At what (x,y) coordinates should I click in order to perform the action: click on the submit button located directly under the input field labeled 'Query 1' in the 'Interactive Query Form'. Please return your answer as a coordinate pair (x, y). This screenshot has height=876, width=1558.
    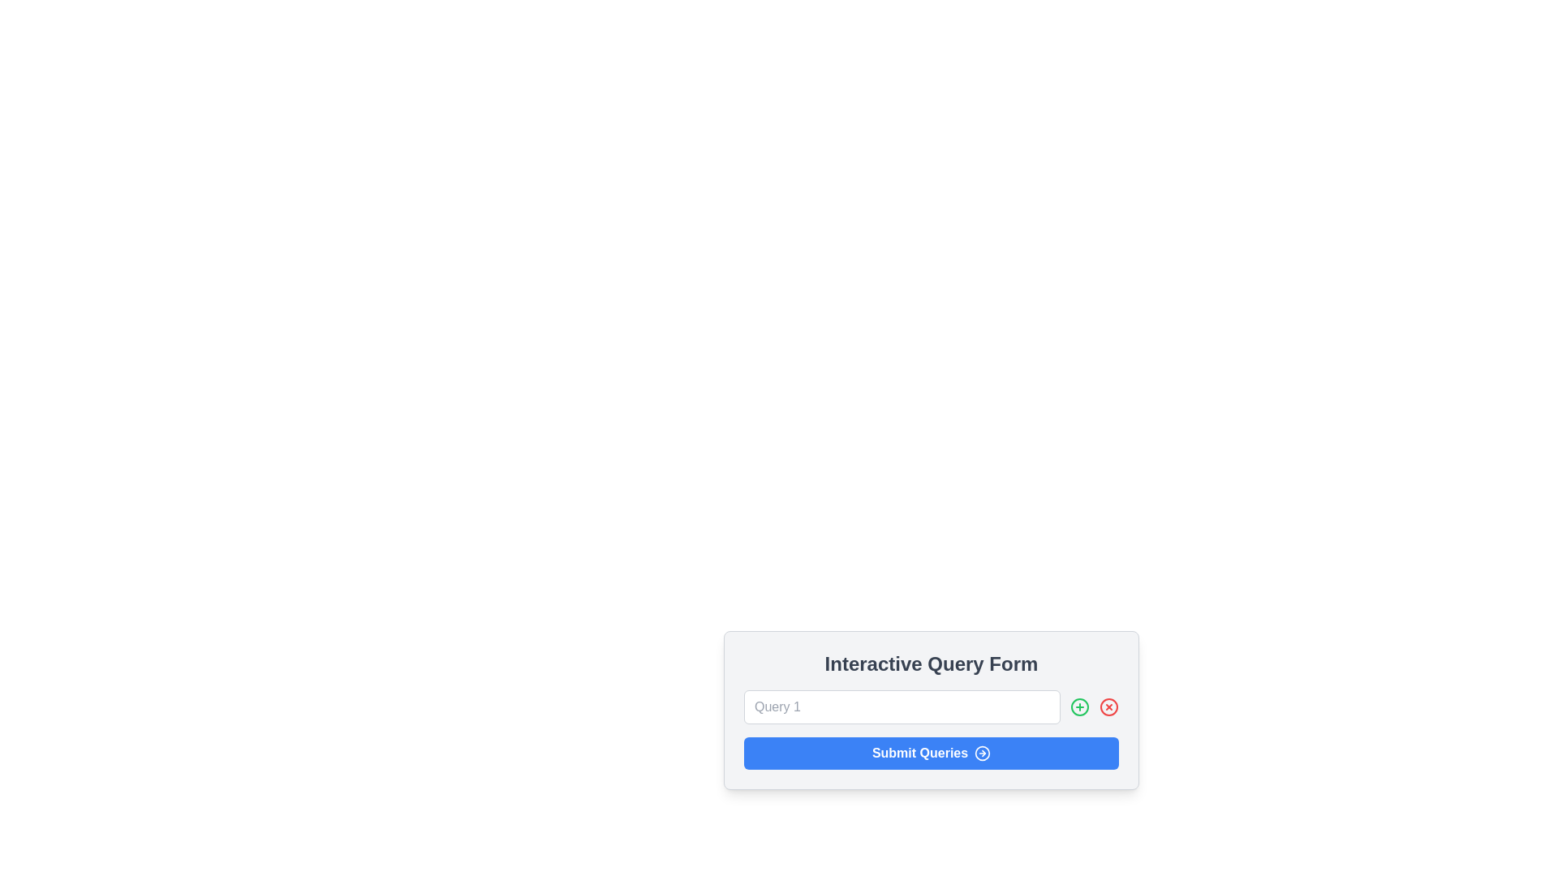
    Looking at the image, I should click on (931, 754).